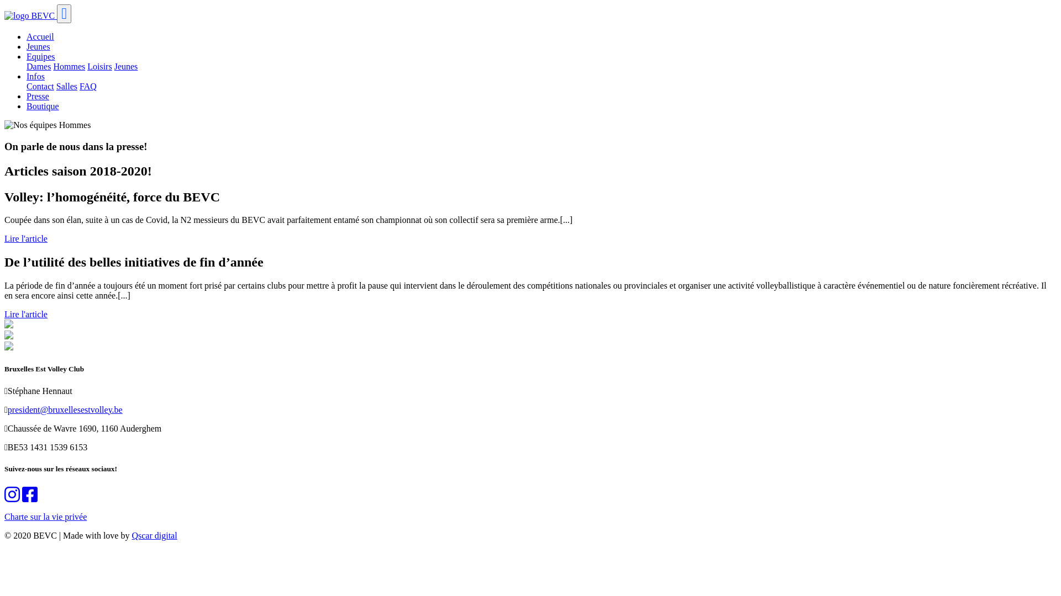  I want to click on 'Dames', so click(27, 66).